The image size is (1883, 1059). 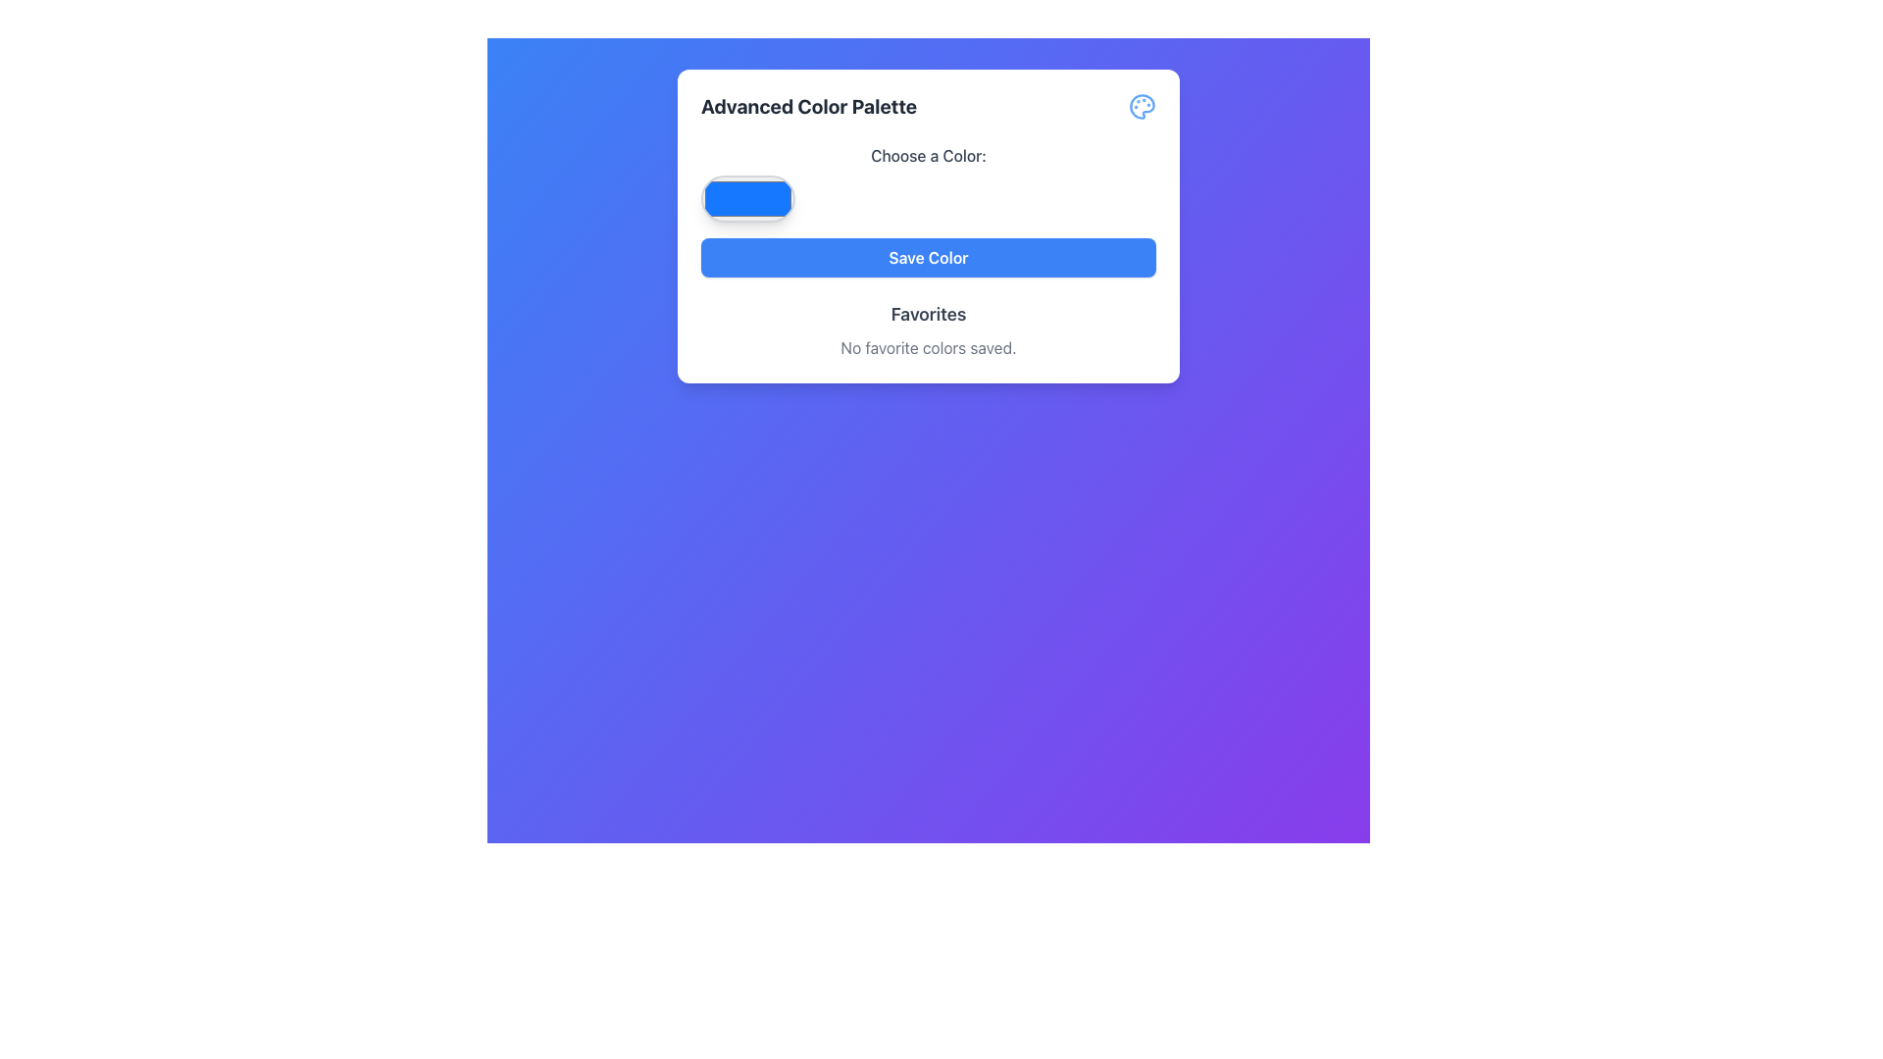 What do you see at coordinates (927, 256) in the screenshot?
I see `the prominent blue 'Save Color' button` at bounding box center [927, 256].